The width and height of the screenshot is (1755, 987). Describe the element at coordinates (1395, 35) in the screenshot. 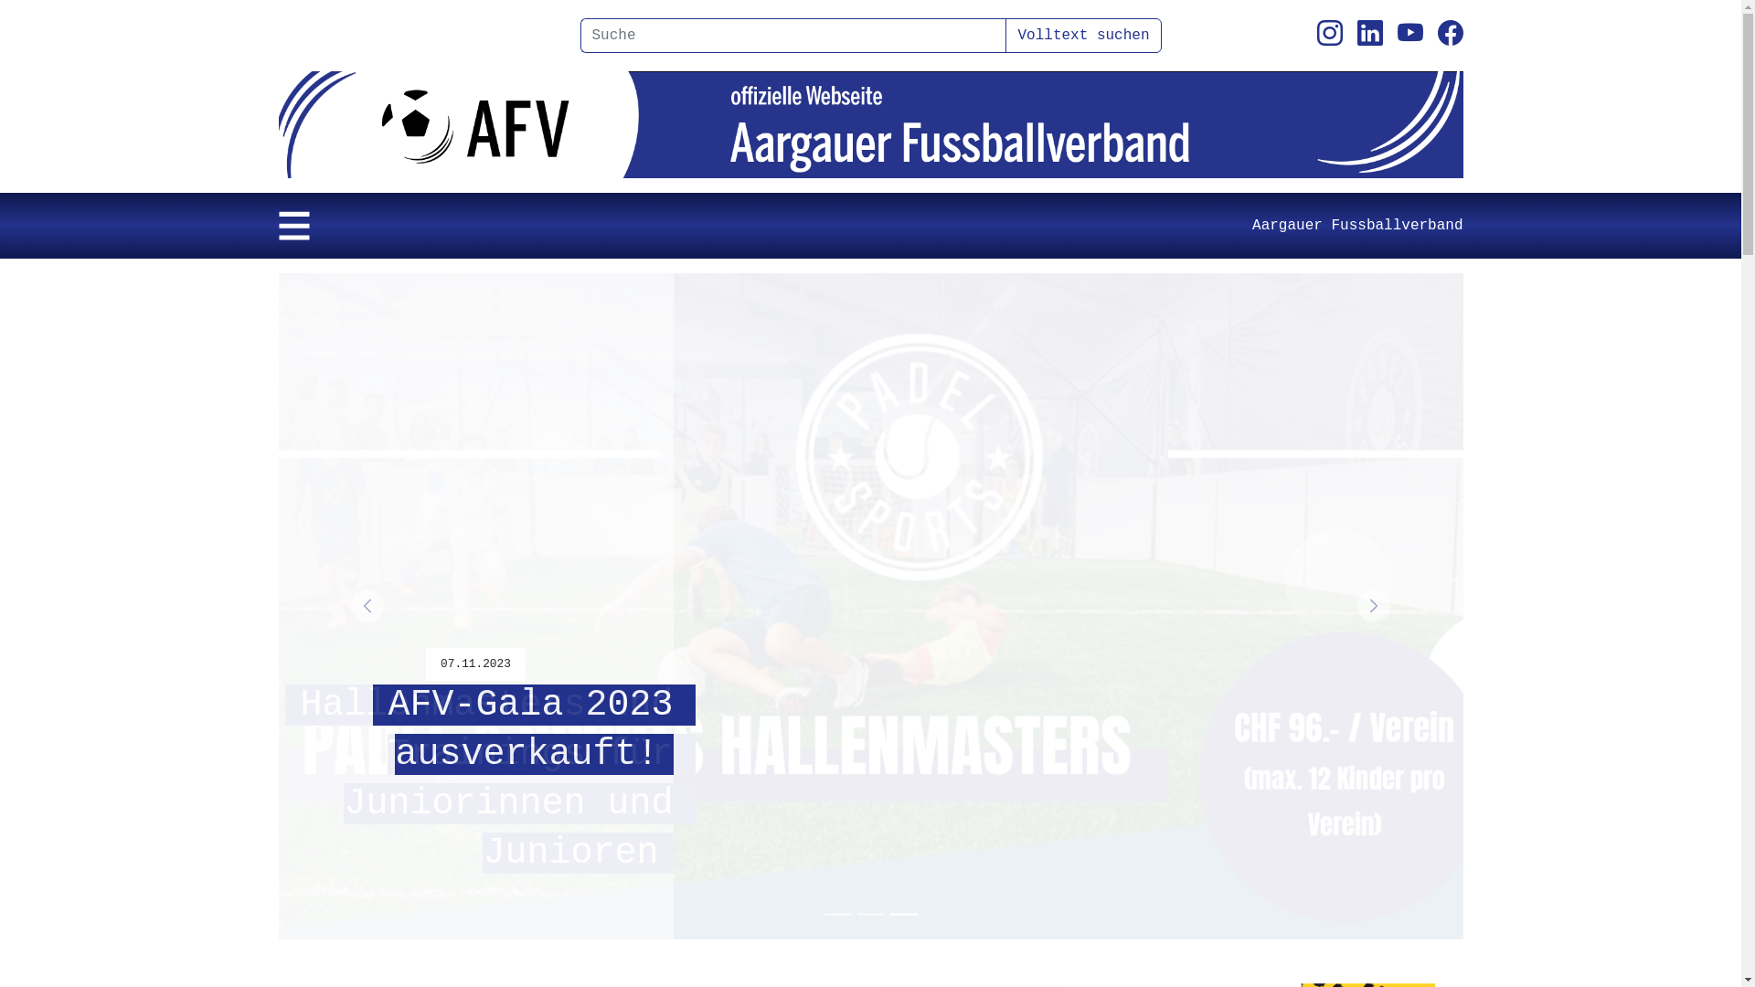

I see `'Youtube'` at that location.